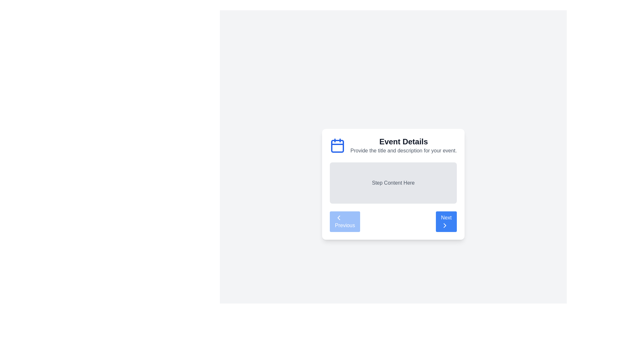 This screenshot has height=348, width=619. I want to click on the text label that serves as a header or title for the section, located above the text 'Provide the title and description for your event.', so click(403, 141).